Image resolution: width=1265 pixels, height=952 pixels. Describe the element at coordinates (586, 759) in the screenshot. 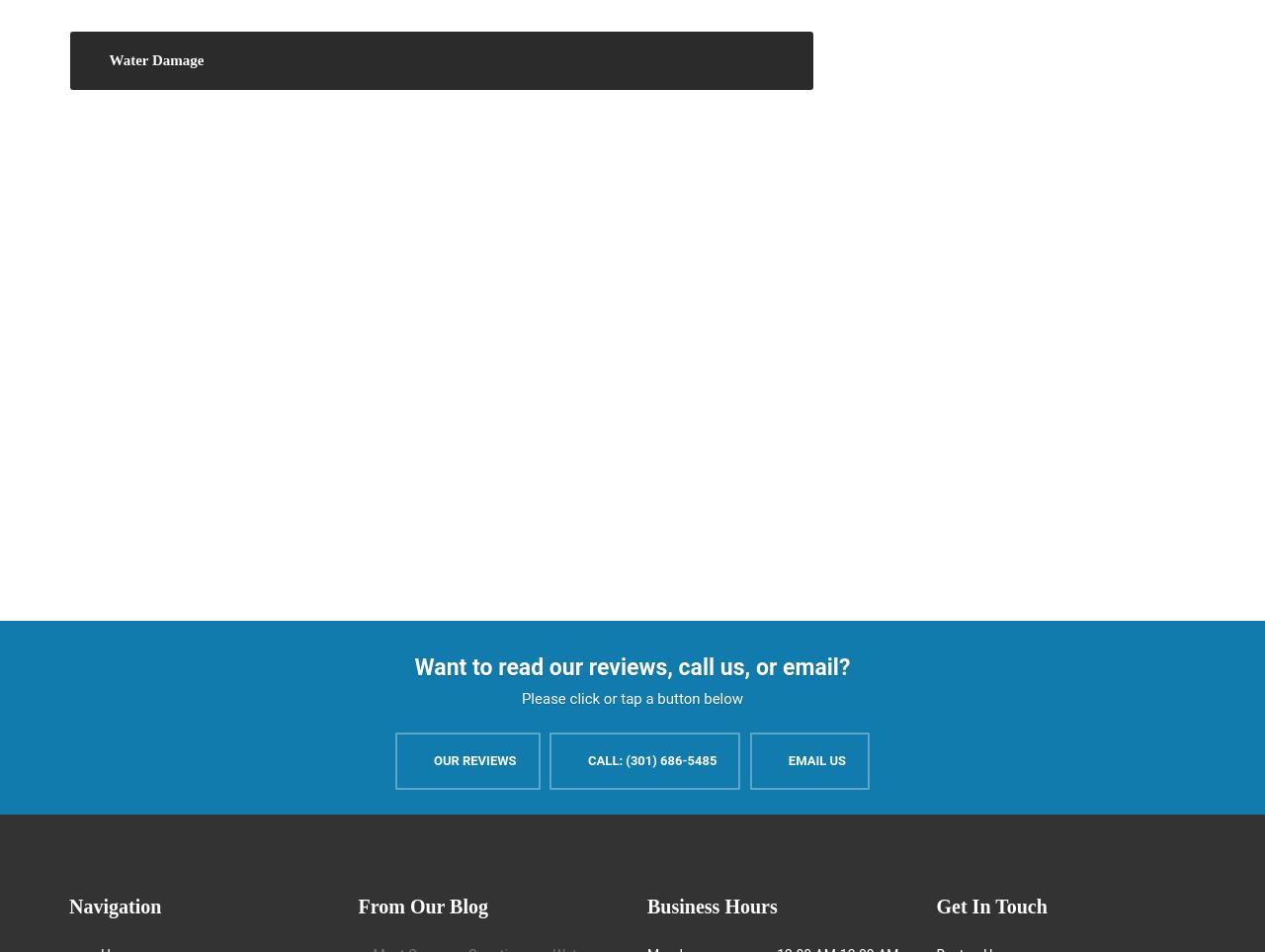

I see `'Call: (301) 686-5485'` at that location.